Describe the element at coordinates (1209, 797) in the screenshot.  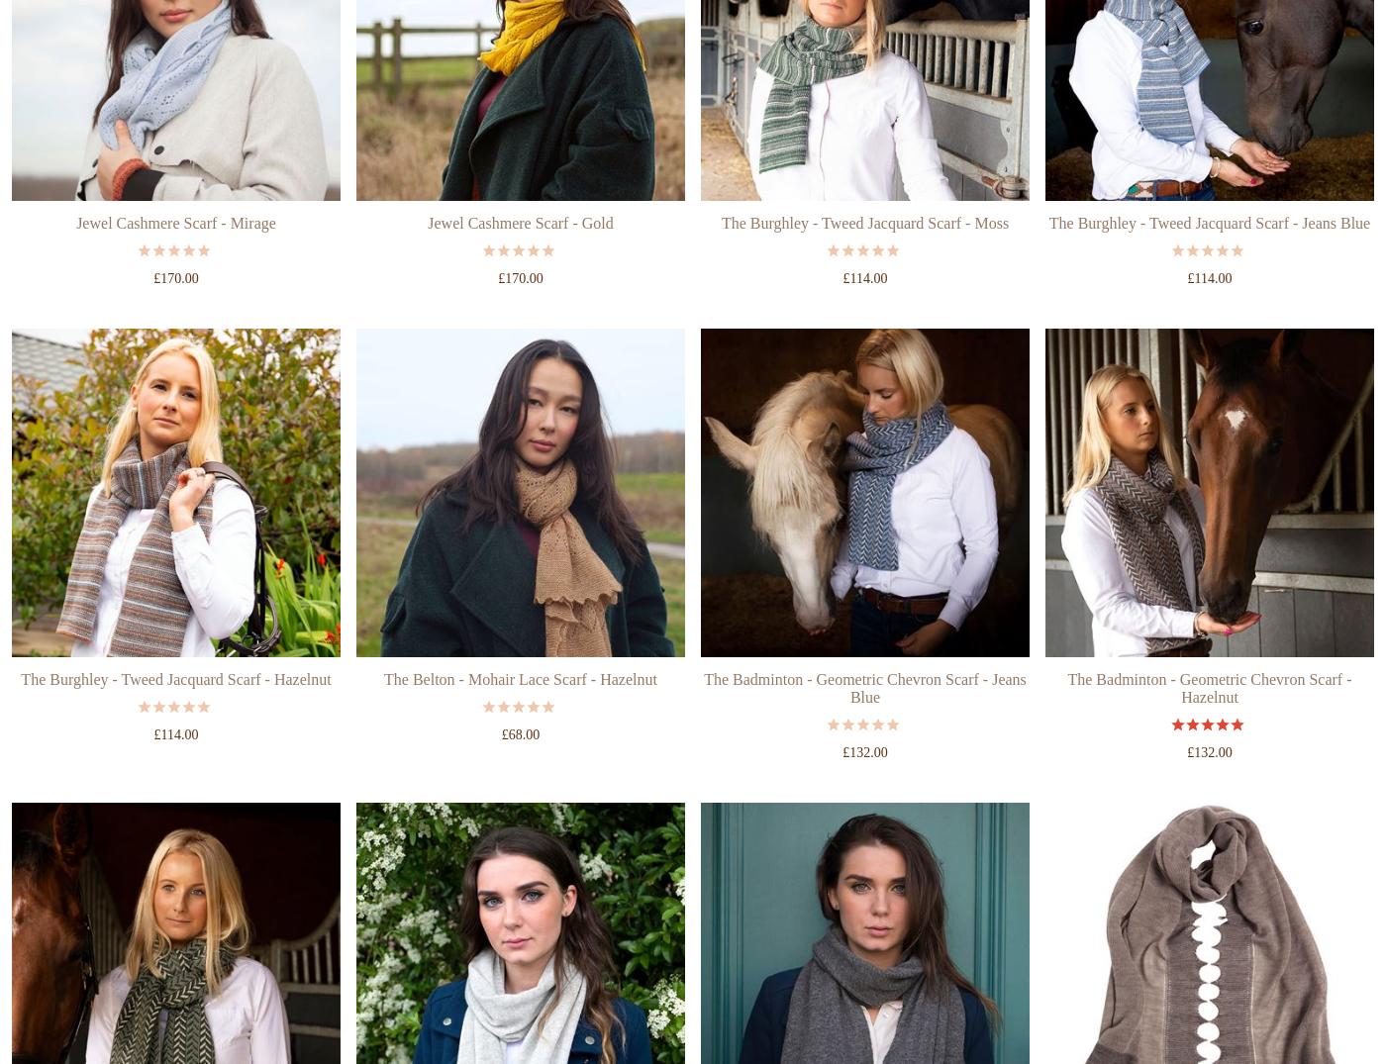
I see `'5 out of 5'` at that location.